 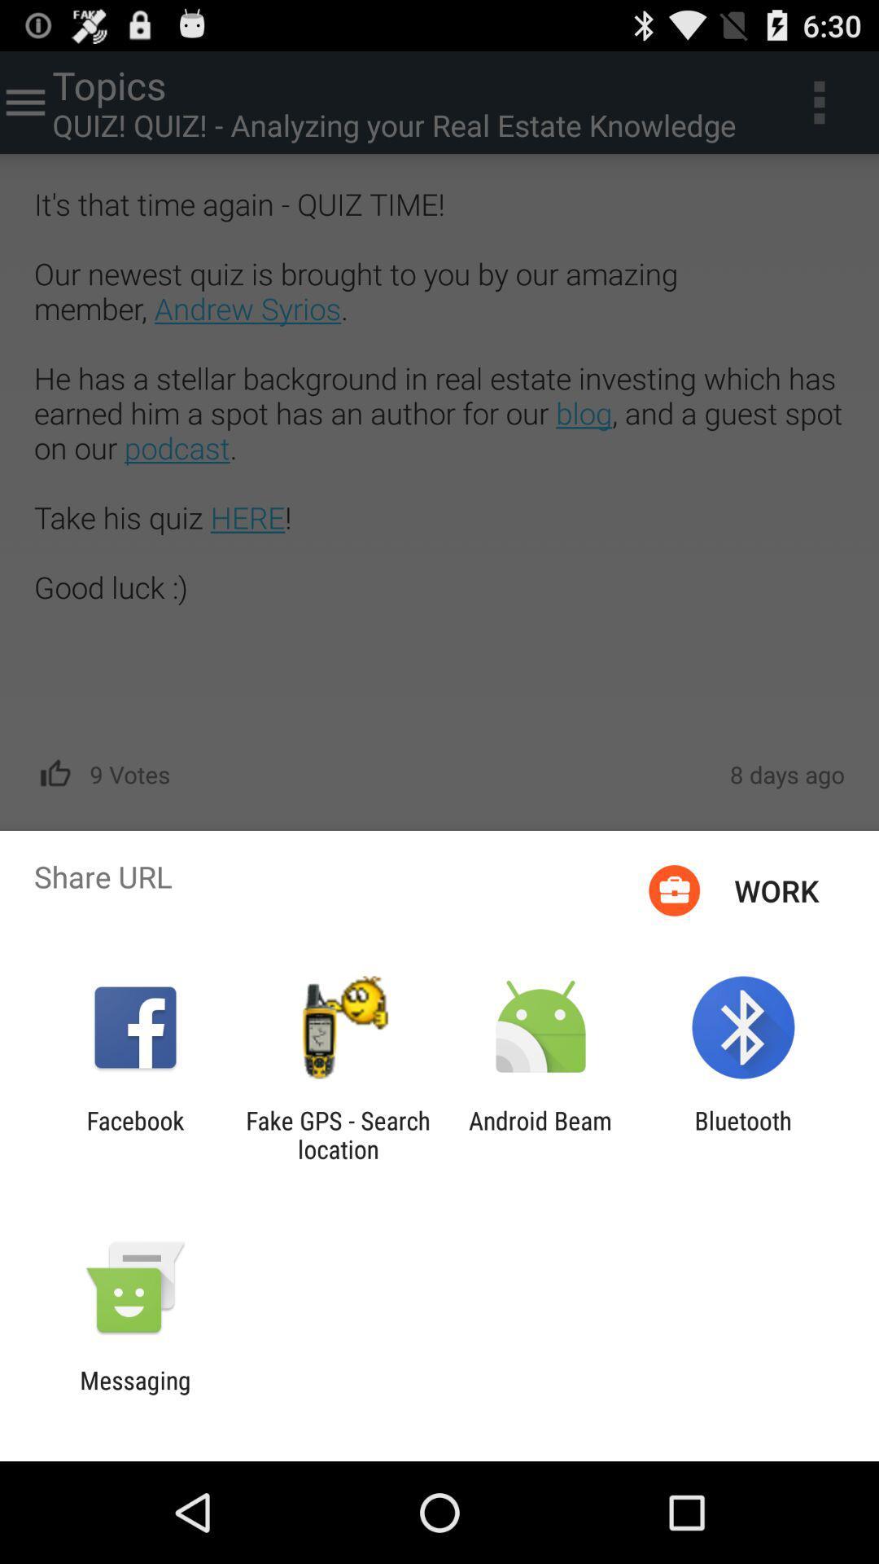 What do you see at coordinates (743, 1134) in the screenshot?
I see `the bluetooth app` at bounding box center [743, 1134].